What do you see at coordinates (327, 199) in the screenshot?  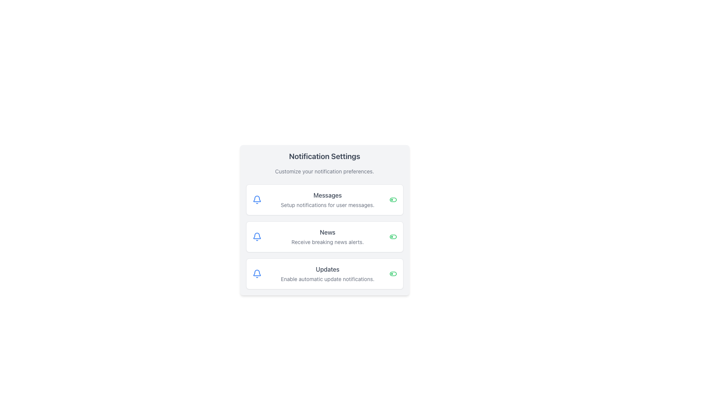 I see `text of the first item in the vertical list of notification options, which contains the bold text 'Messages' and the smaller gray text 'Setup notifications for user messages.'` at bounding box center [327, 199].